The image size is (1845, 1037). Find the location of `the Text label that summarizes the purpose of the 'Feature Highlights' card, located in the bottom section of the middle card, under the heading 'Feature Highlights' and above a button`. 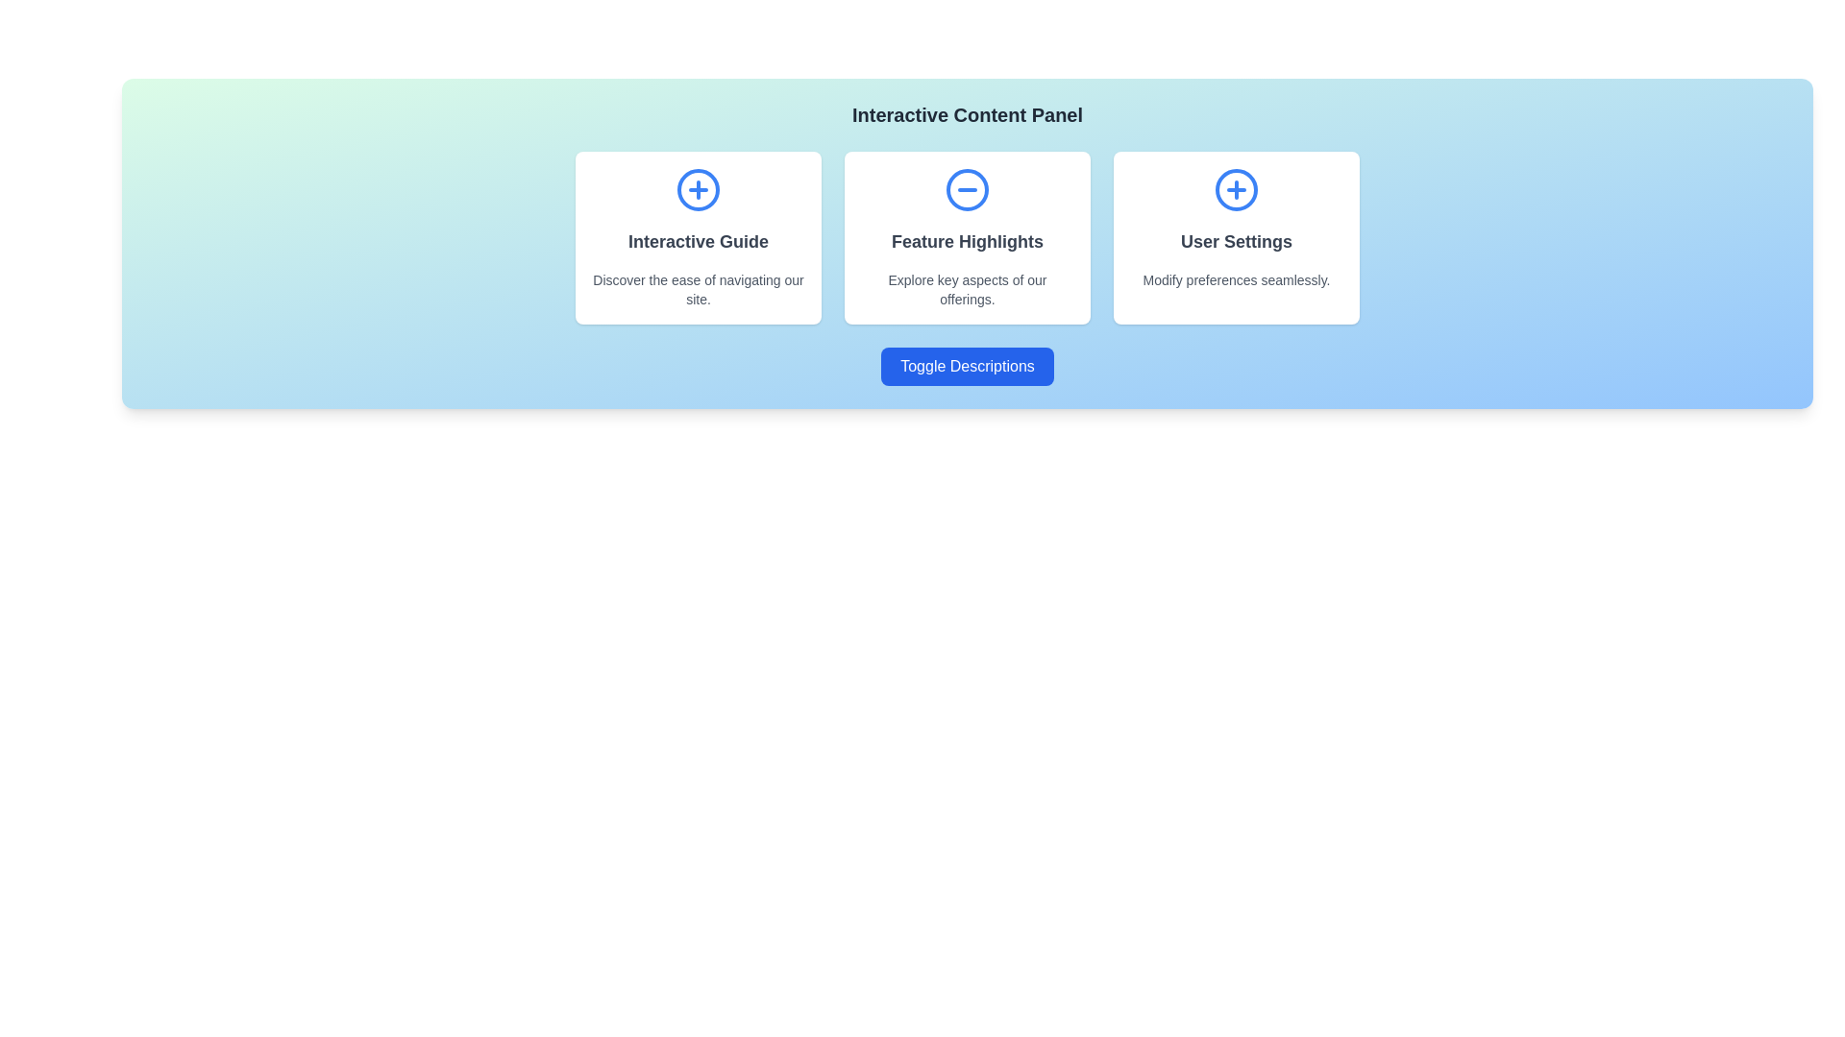

the Text label that summarizes the purpose of the 'Feature Highlights' card, located in the bottom section of the middle card, under the heading 'Feature Highlights' and above a button is located at coordinates (968, 289).